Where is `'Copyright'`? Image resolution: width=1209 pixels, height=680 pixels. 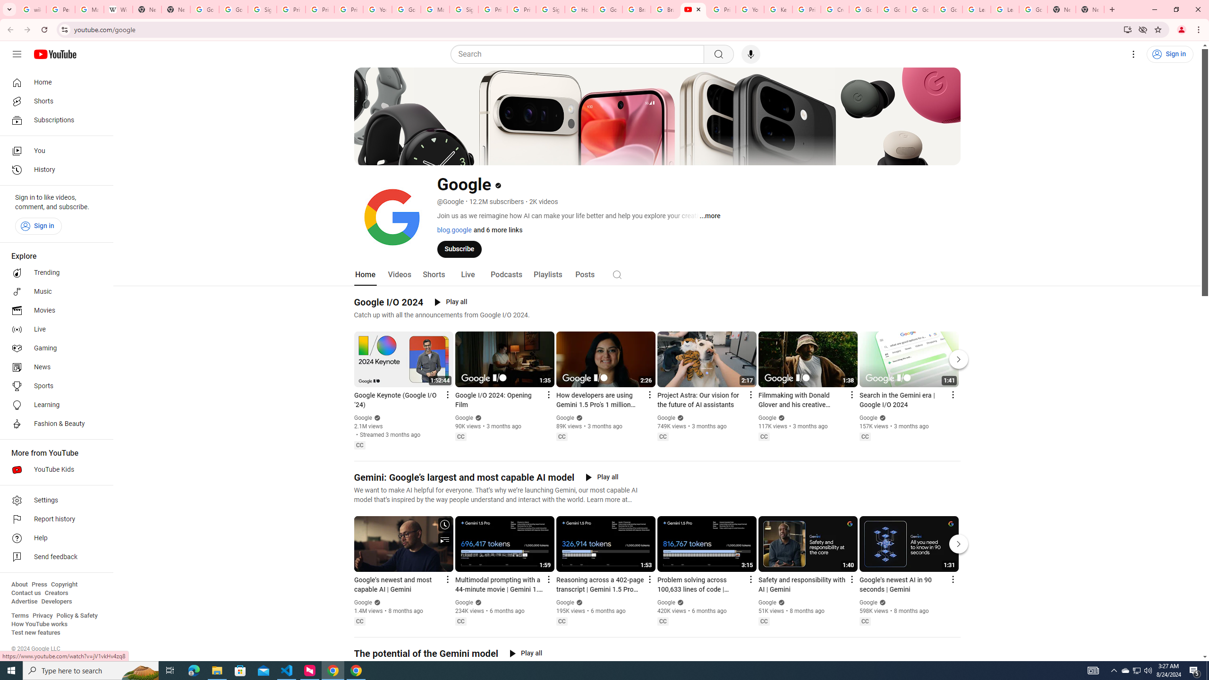
'Copyright' is located at coordinates (63, 584).